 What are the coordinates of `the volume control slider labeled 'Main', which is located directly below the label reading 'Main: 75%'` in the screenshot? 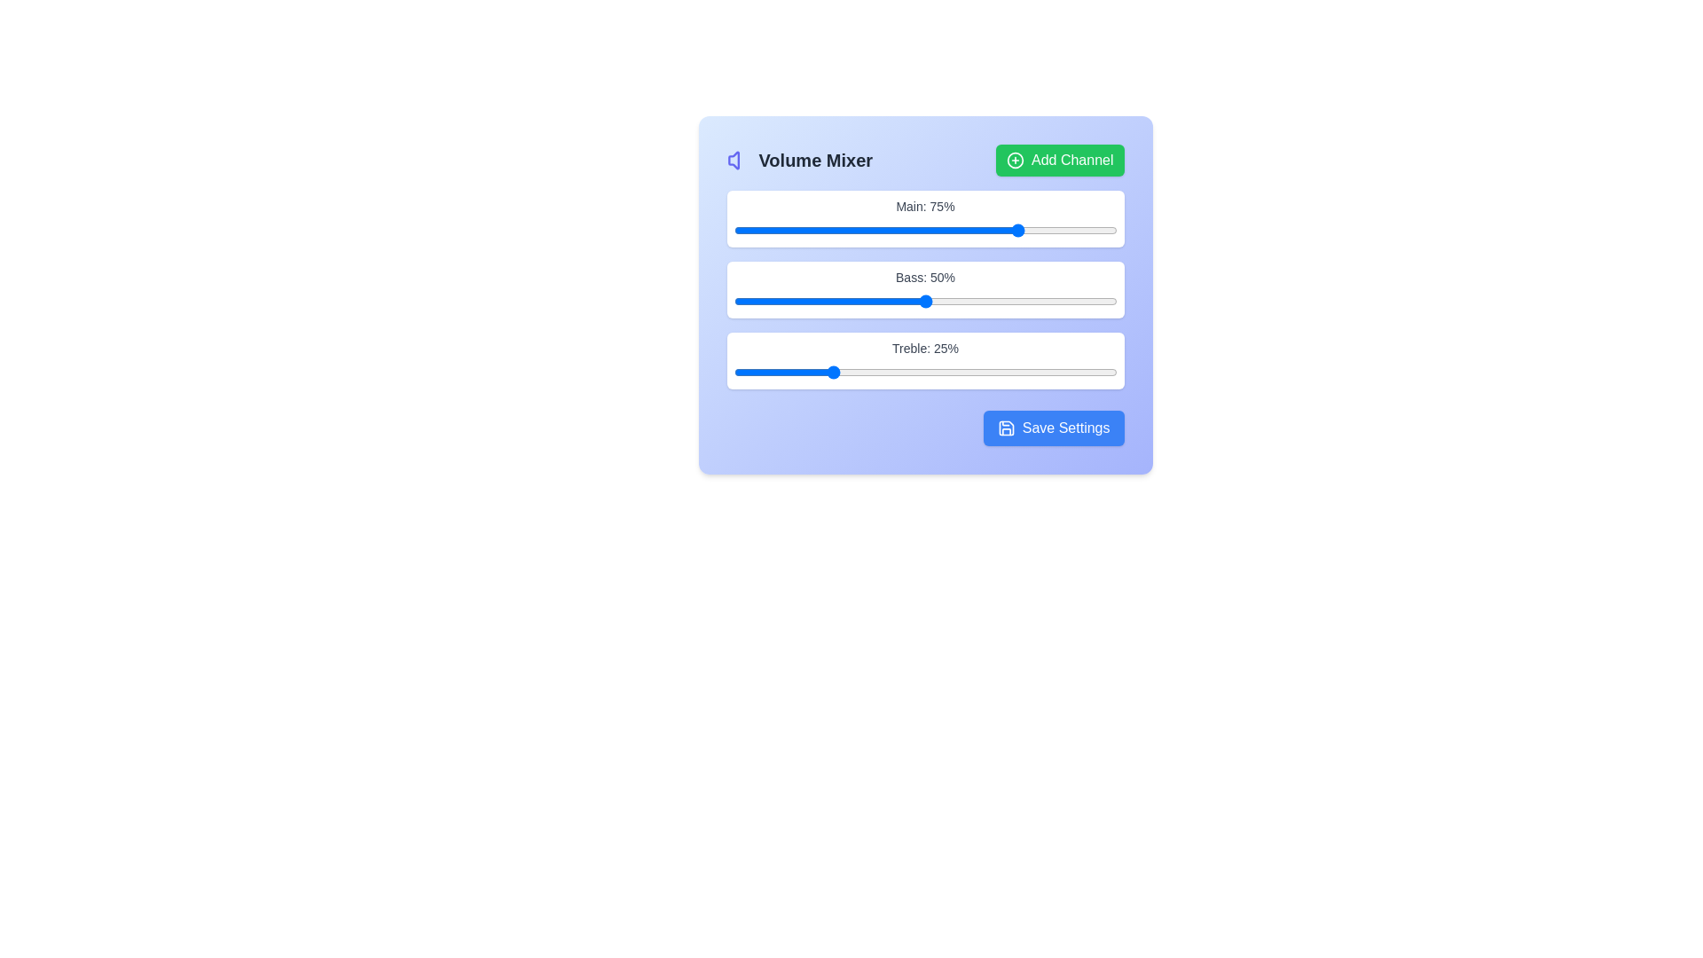 It's located at (924, 229).